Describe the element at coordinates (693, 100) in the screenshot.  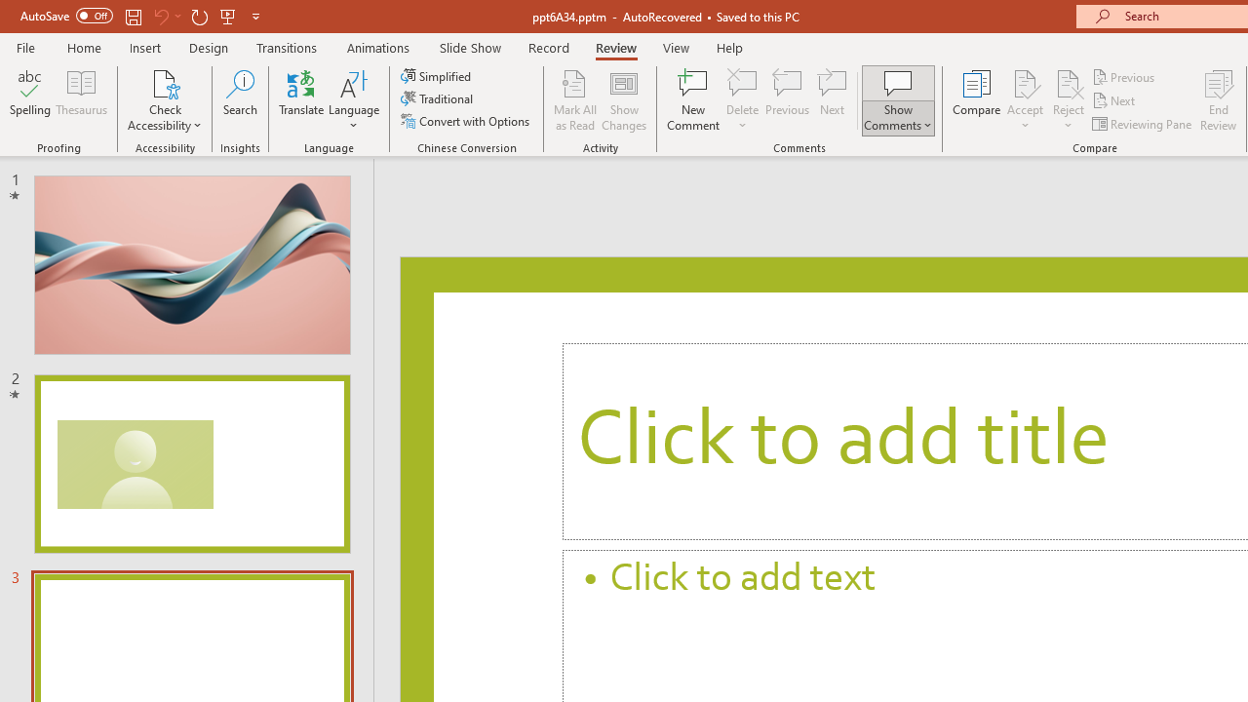
I see `'New Comment'` at that location.